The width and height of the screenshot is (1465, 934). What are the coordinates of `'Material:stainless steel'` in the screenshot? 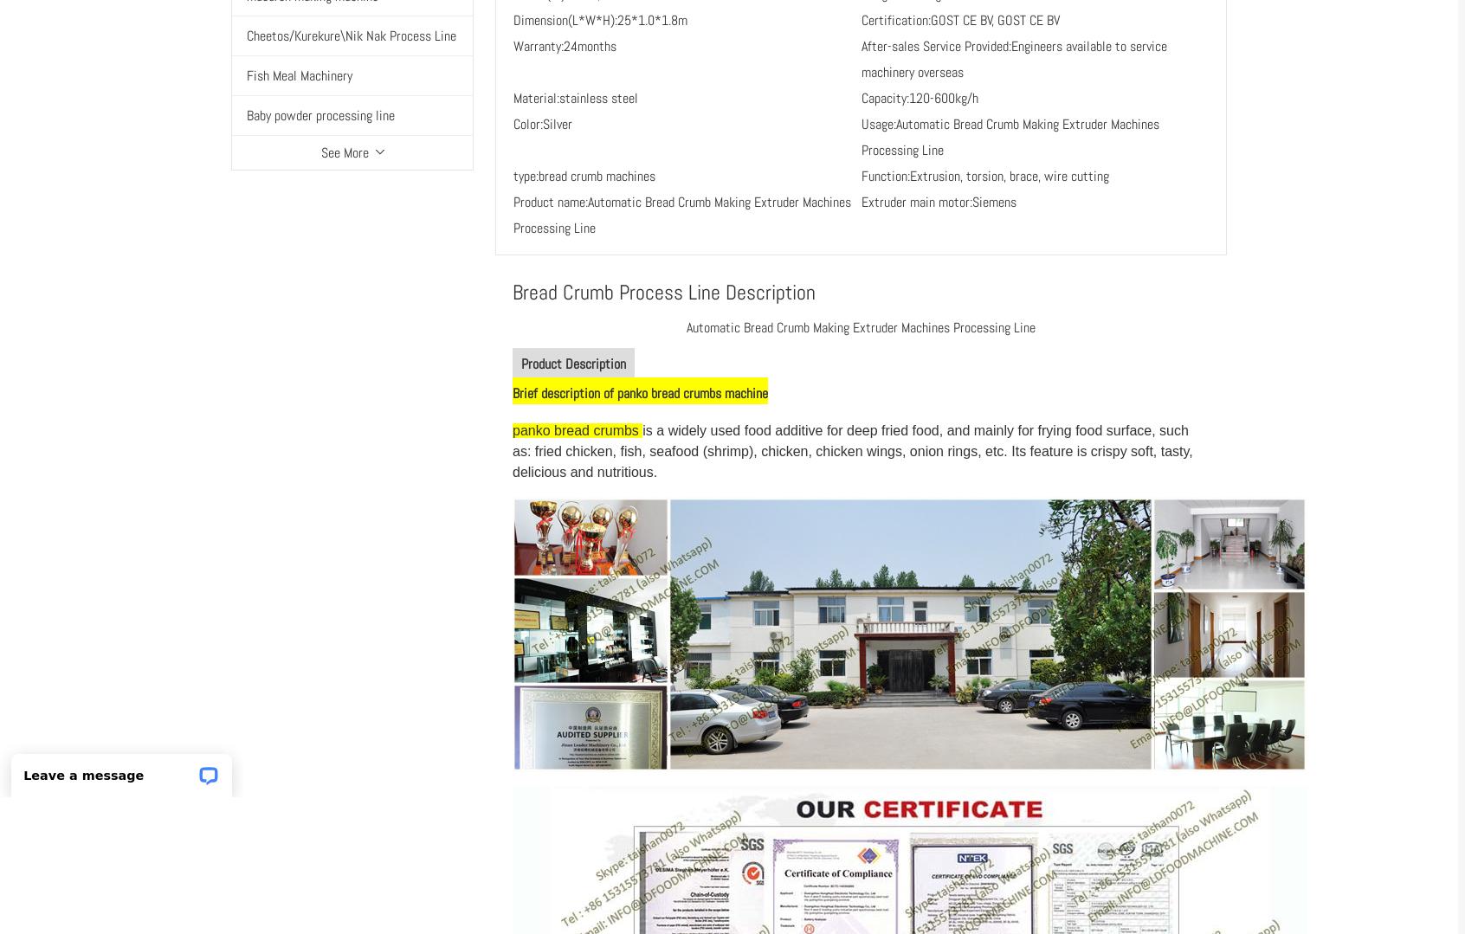 It's located at (575, 97).